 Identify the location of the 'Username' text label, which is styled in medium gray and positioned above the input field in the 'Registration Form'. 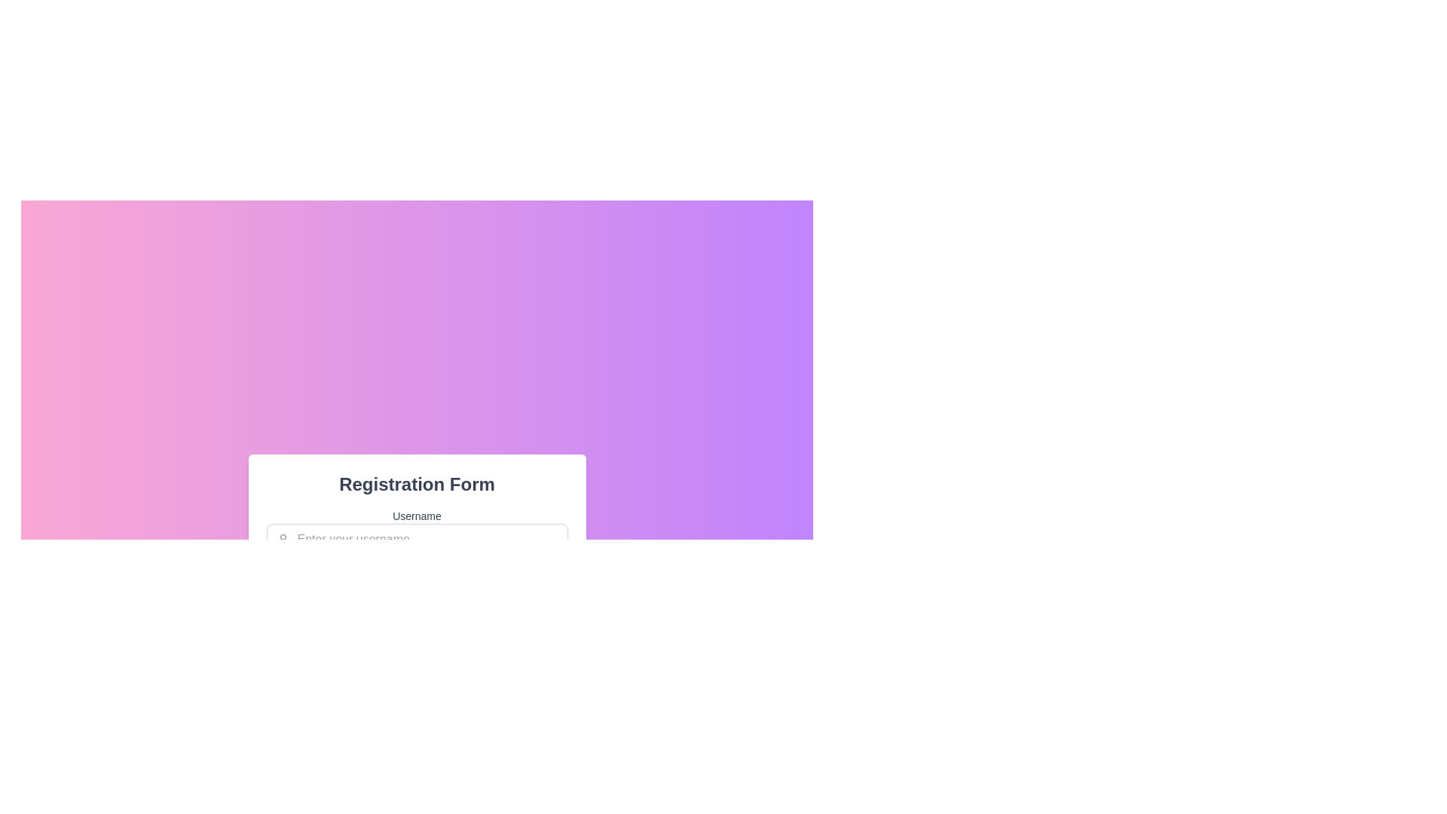
(417, 516).